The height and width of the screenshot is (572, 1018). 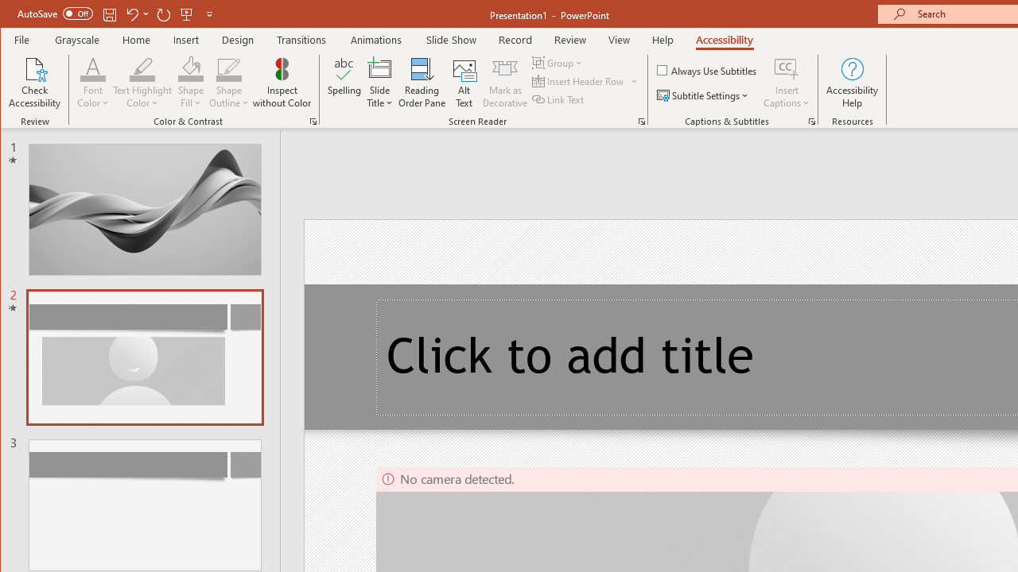 I want to click on 'Grayscale', so click(x=76, y=39).